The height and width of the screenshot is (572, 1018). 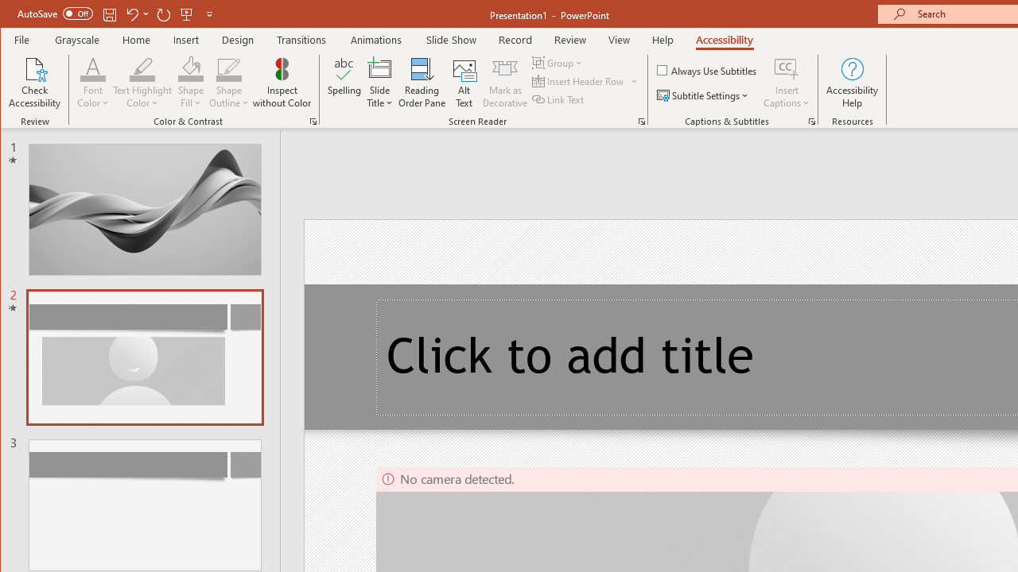 I want to click on 'Grayscale', so click(x=76, y=39).